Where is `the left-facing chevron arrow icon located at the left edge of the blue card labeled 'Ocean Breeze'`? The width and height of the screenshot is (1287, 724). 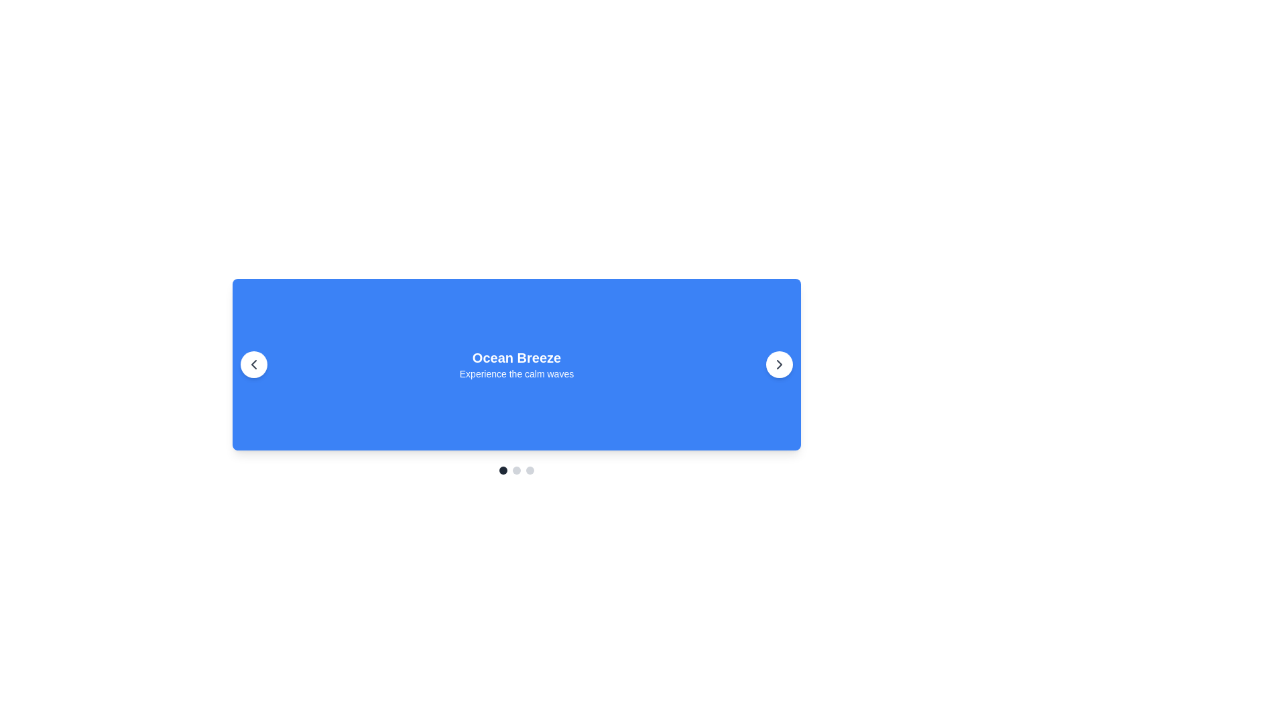
the left-facing chevron arrow icon located at the left edge of the blue card labeled 'Ocean Breeze' is located at coordinates (254, 364).